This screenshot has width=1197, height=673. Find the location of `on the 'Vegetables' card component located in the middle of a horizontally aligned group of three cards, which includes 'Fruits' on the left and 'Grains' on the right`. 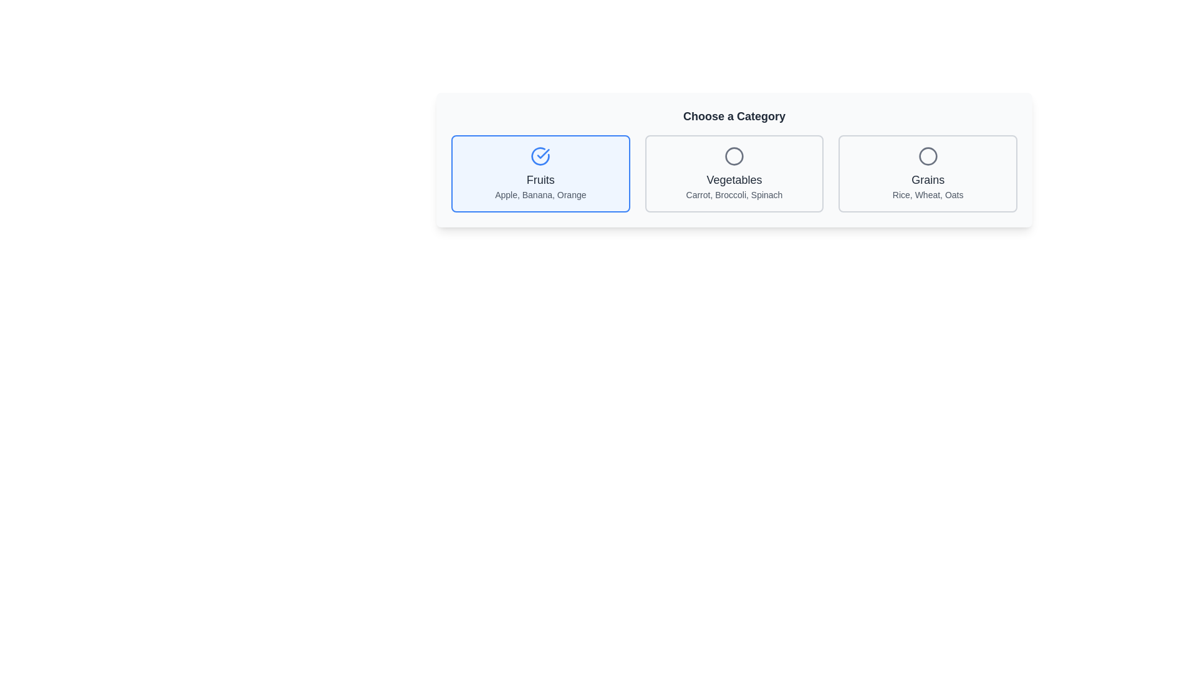

on the 'Vegetables' card component located in the middle of a horizontally aligned group of three cards, which includes 'Fruits' on the left and 'Grains' on the right is located at coordinates (734, 173).